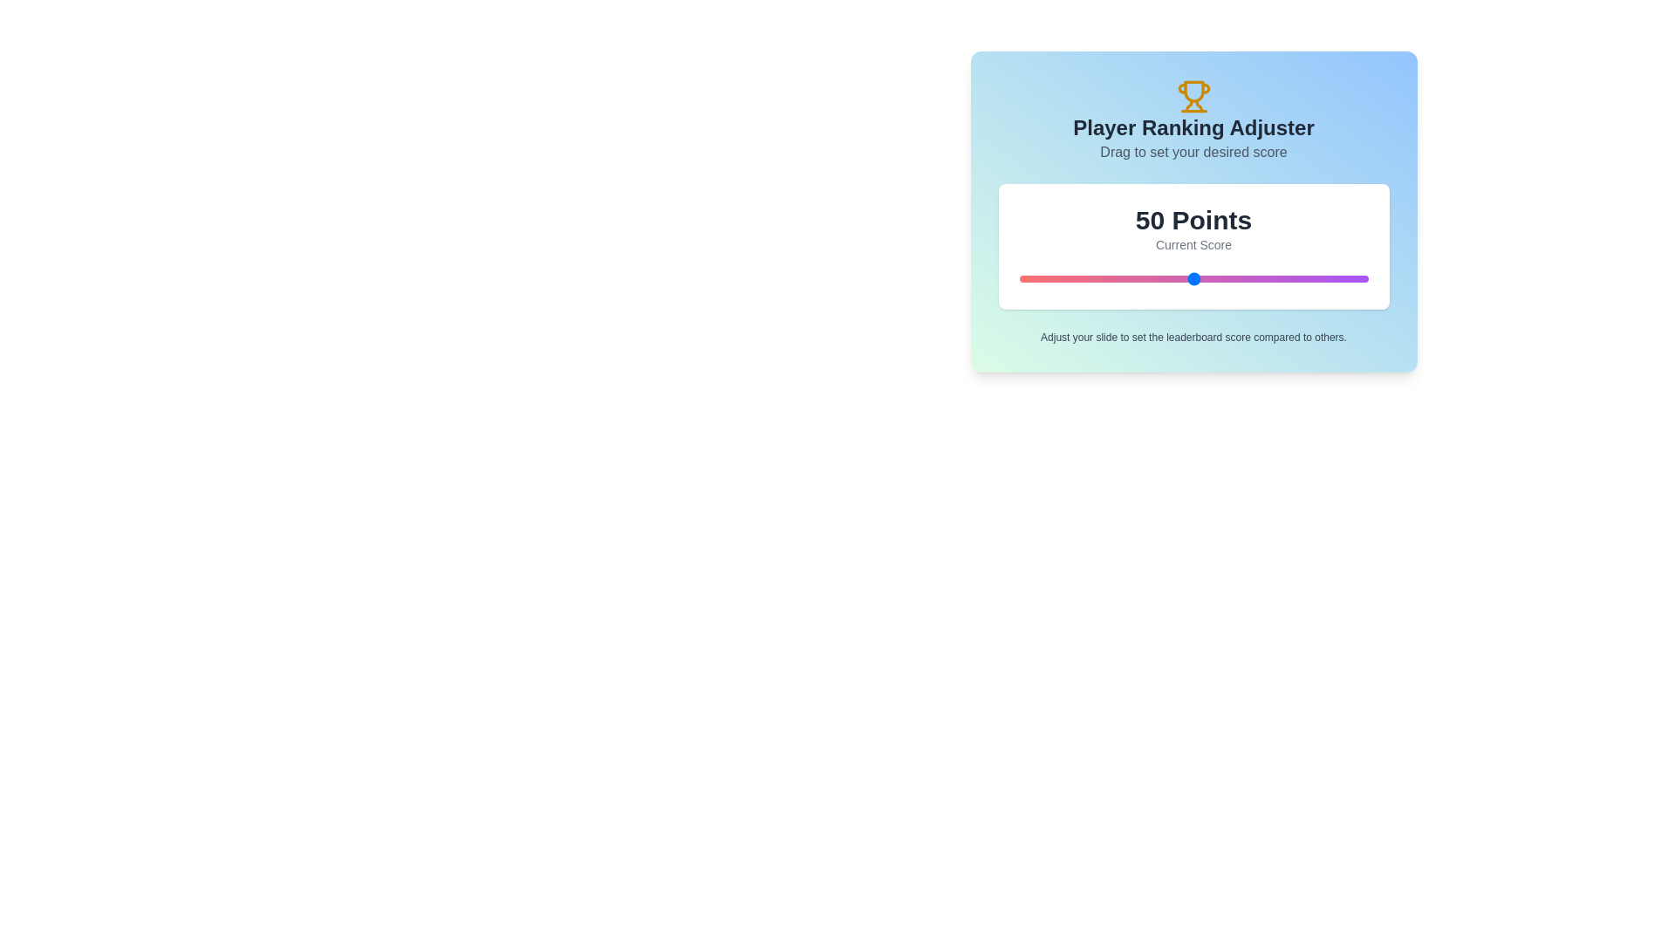 The height and width of the screenshot is (942, 1675). I want to click on the slider to set the score to 42, so click(1166, 278).